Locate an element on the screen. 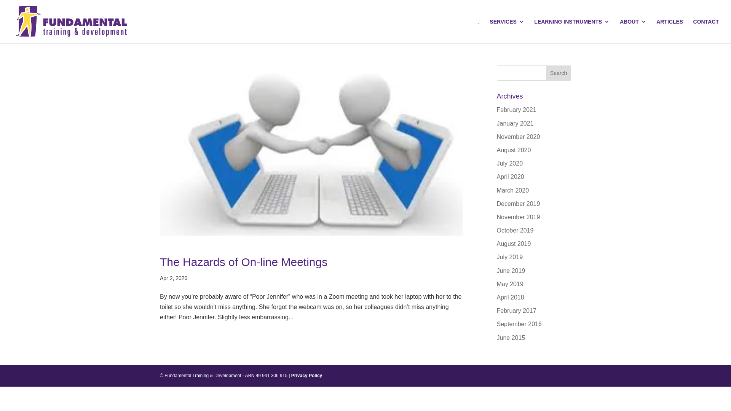 The image size is (731, 411). 'June 2015' is located at coordinates (497, 337).